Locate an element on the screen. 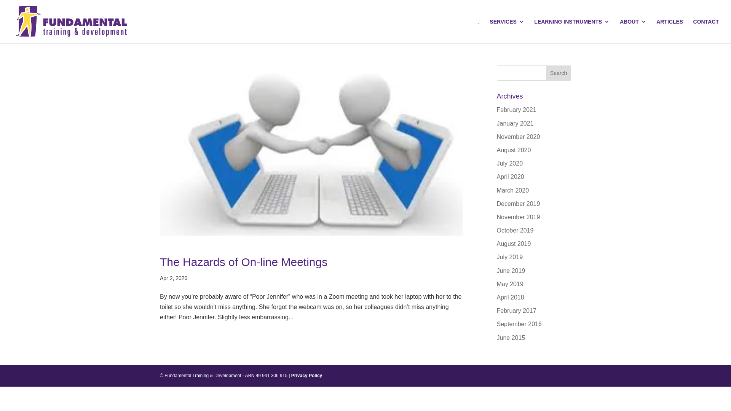 The image size is (731, 411). 'June 2015' is located at coordinates (497, 337).